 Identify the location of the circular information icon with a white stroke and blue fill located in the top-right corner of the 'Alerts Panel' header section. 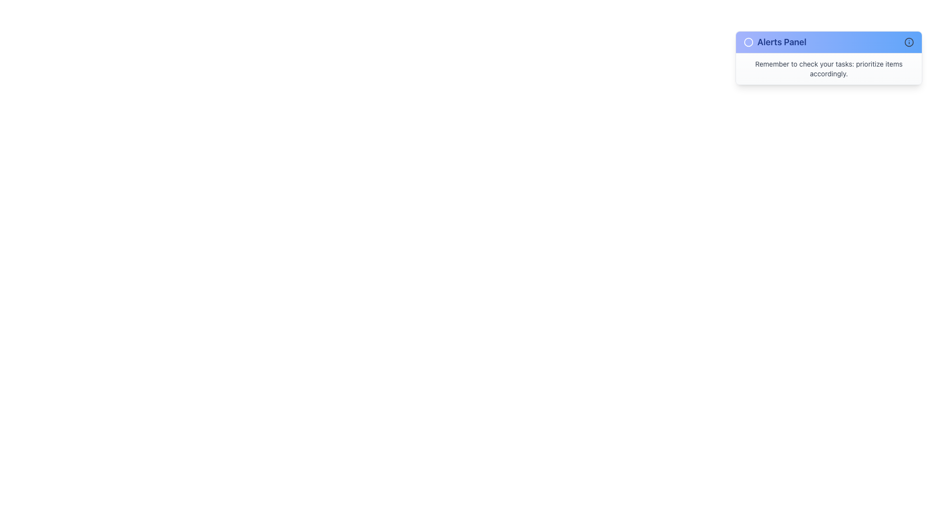
(908, 42).